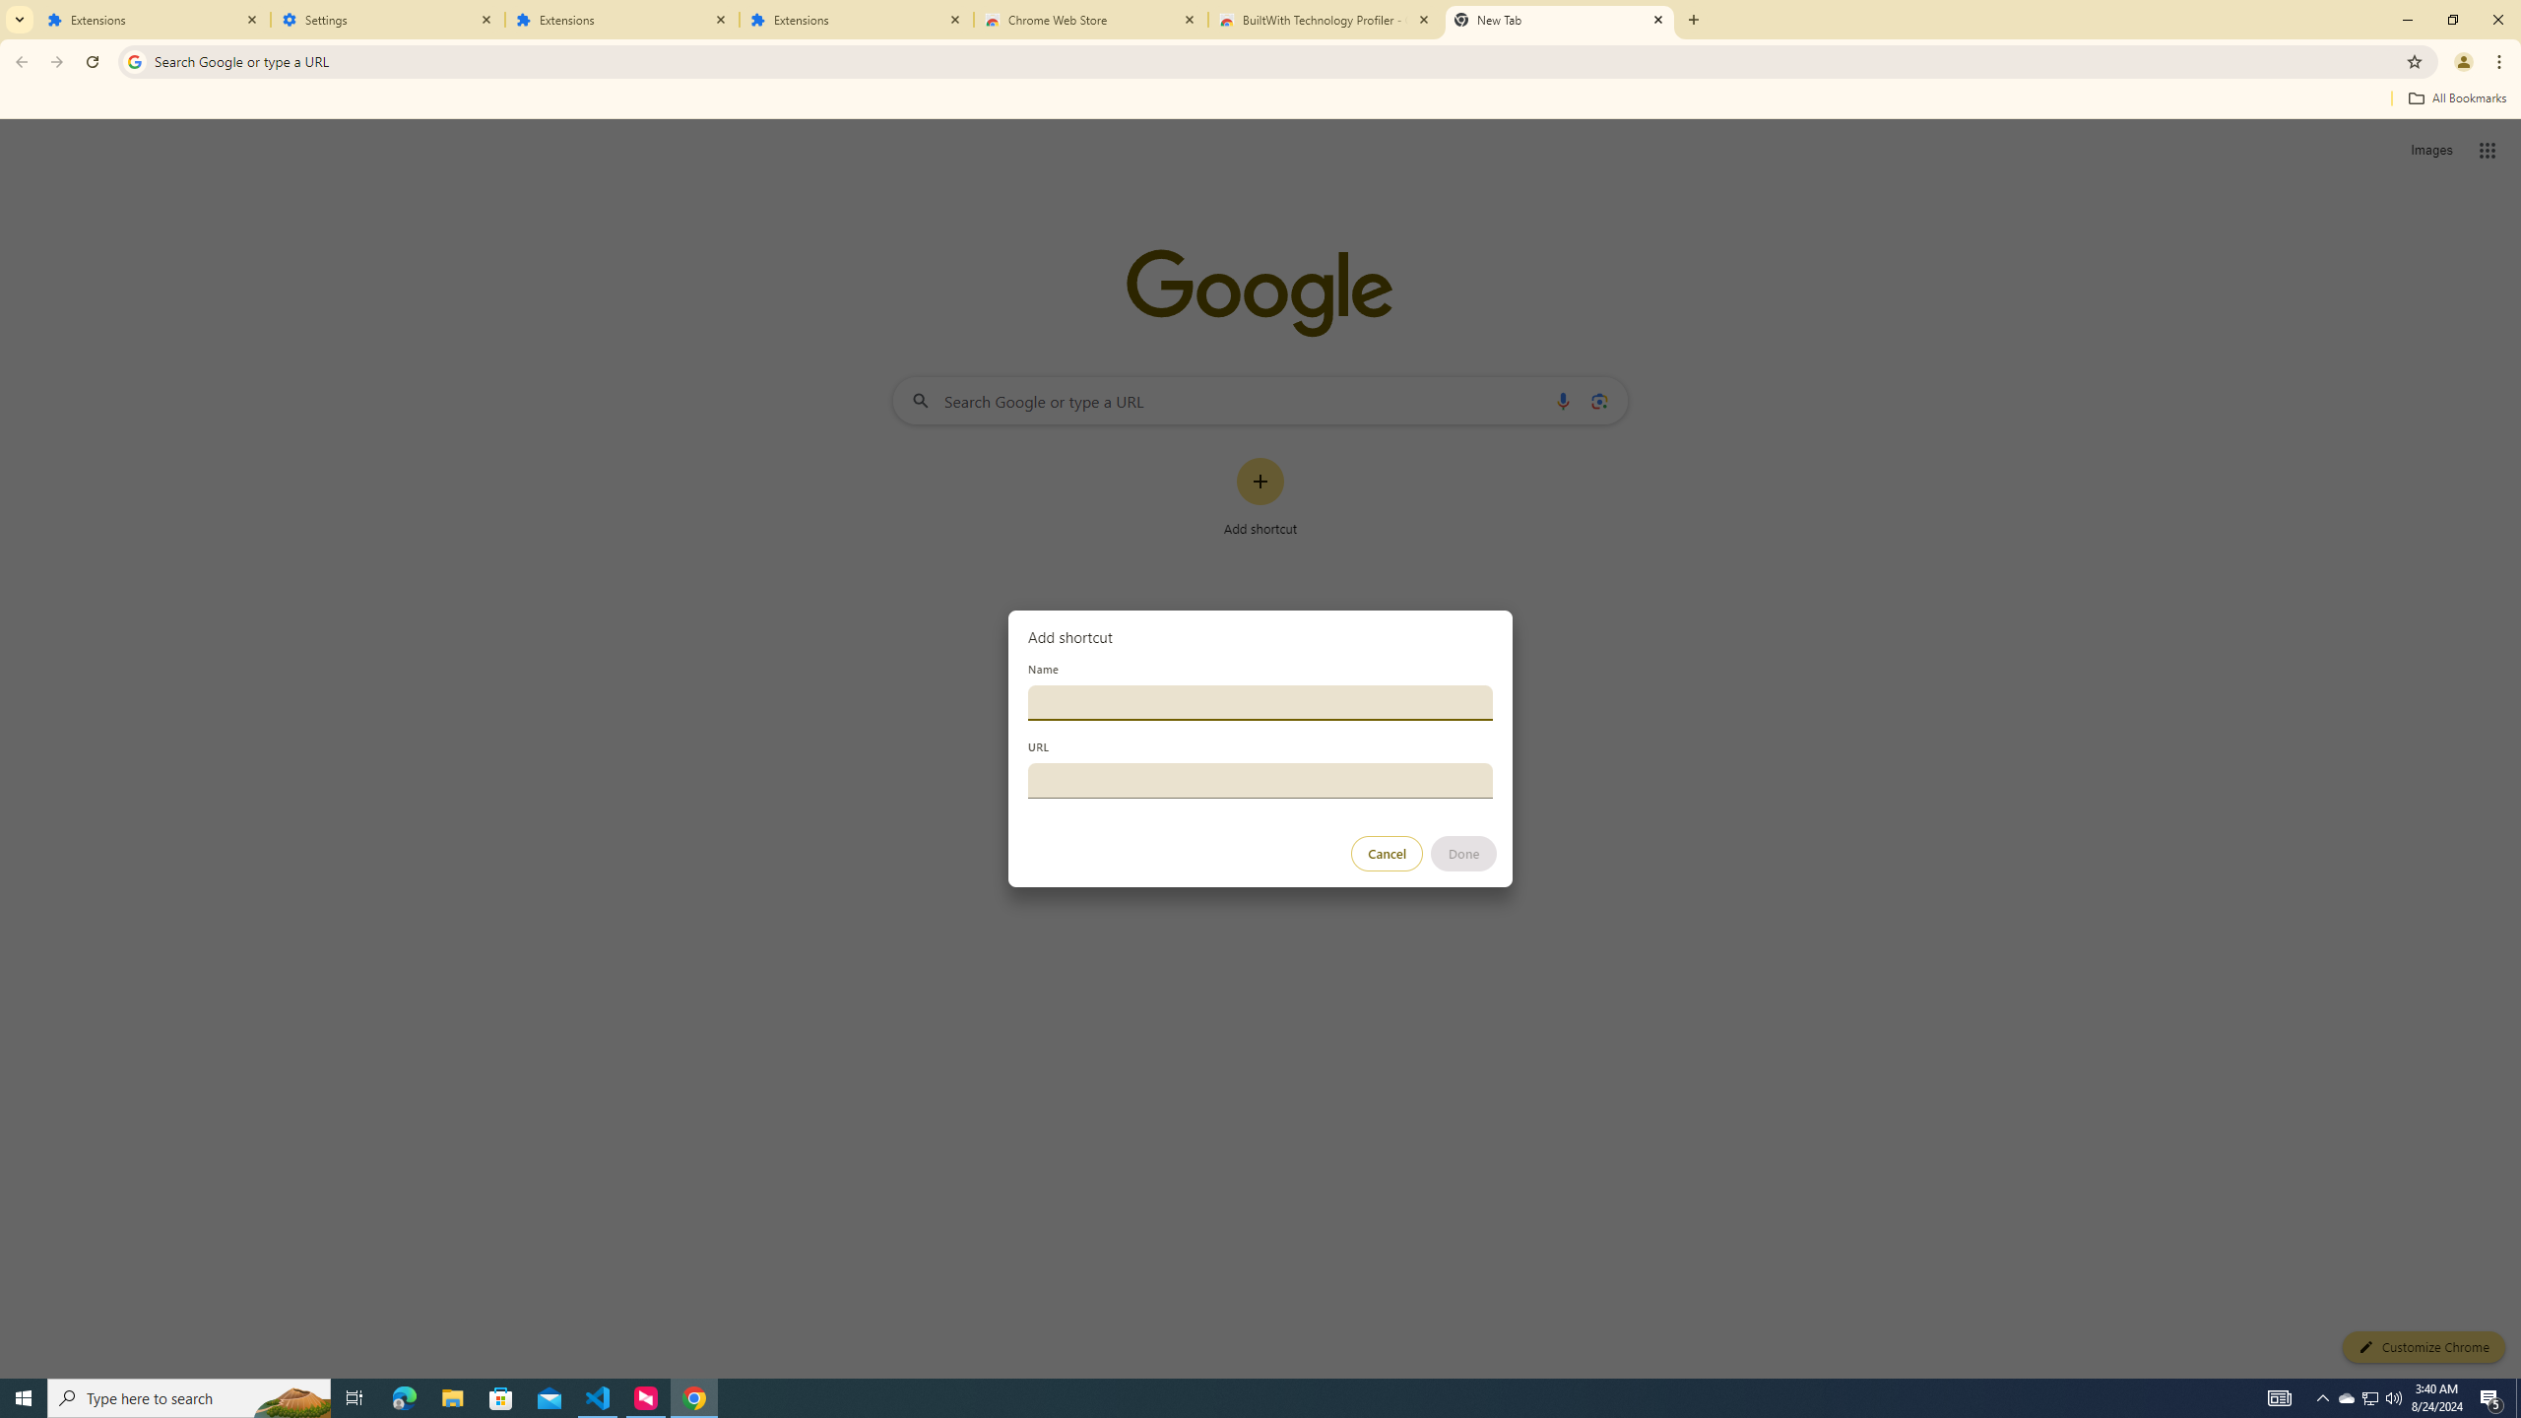 The image size is (2521, 1418). What do you see at coordinates (388, 19) in the screenshot?
I see `'Settings'` at bounding box center [388, 19].